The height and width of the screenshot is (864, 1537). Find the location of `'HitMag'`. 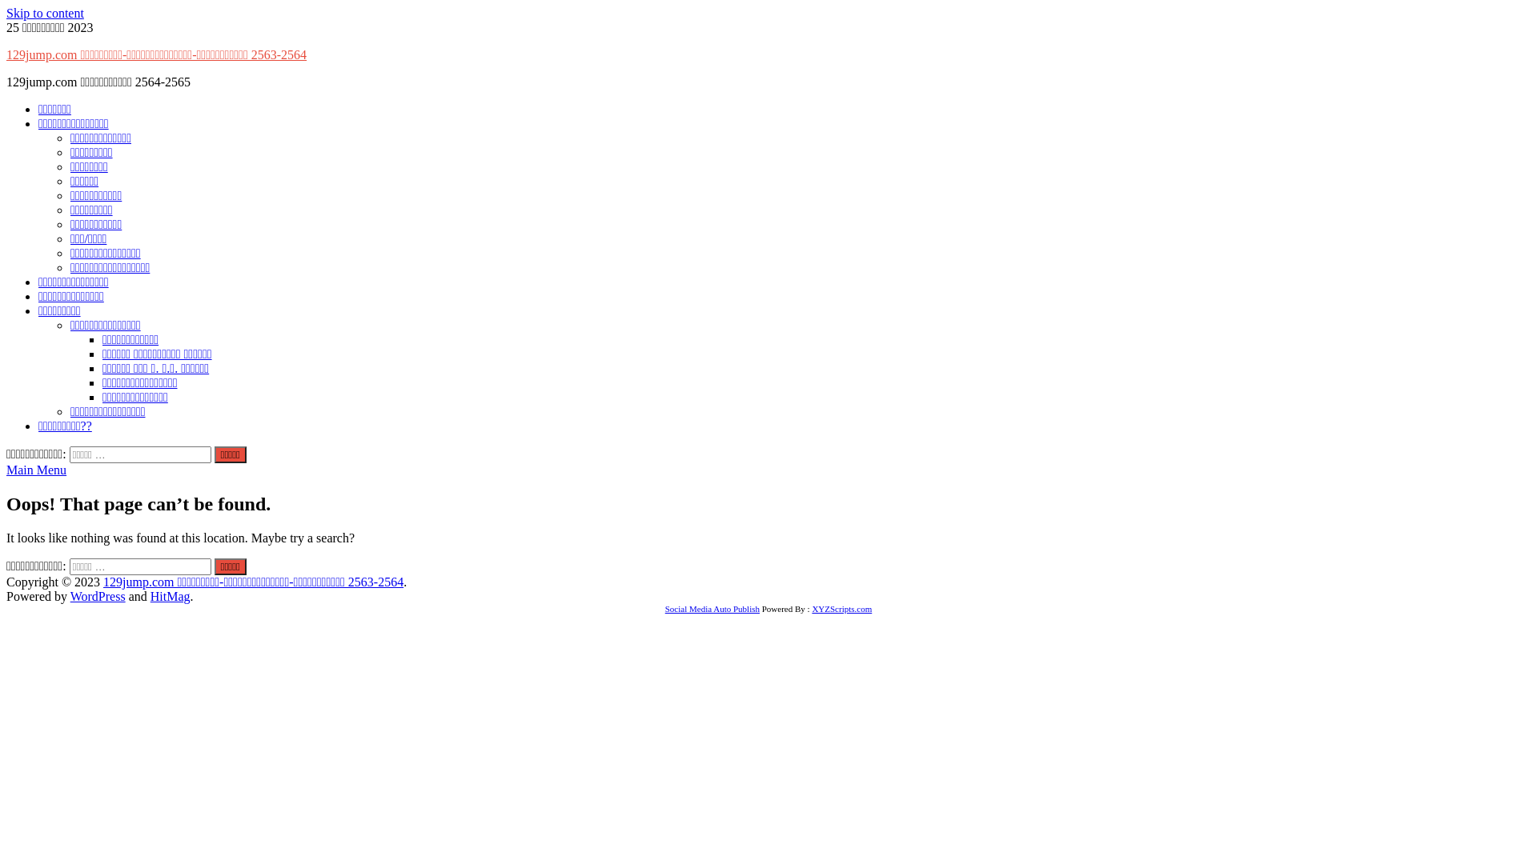

'HitMag' is located at coordinates (170, 596).